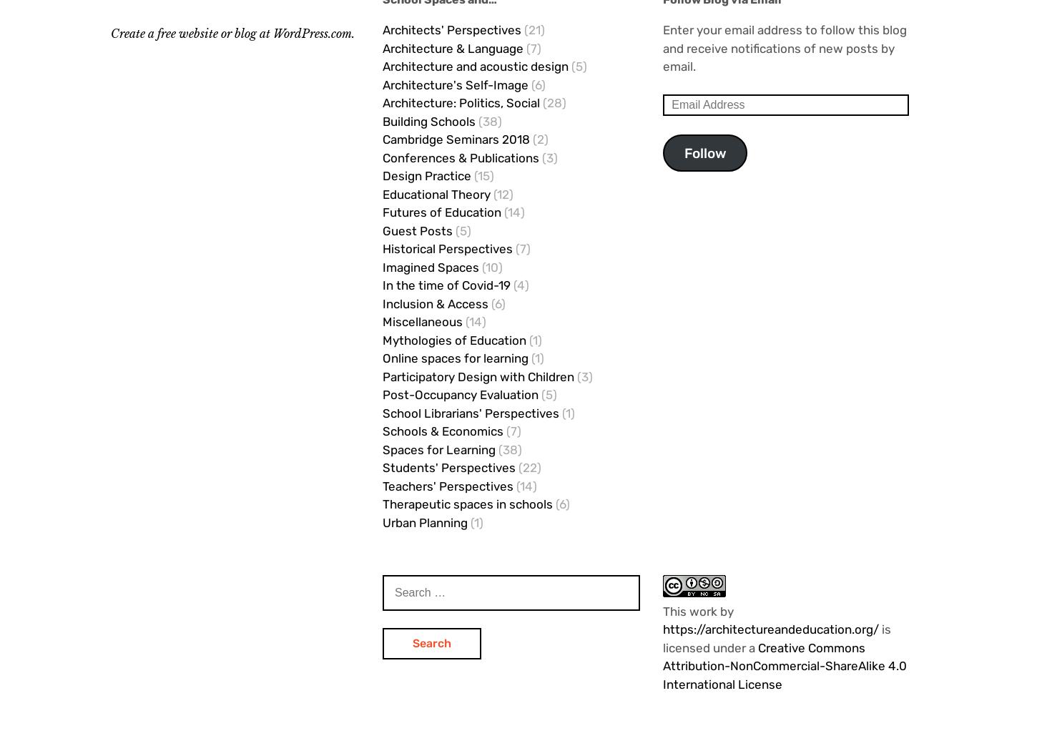  Describe the element at coordinates (662, 48) in the screenshot. I see `'Enter your email address to follow this blog and receive notifications of new posts by email.'` at that location.